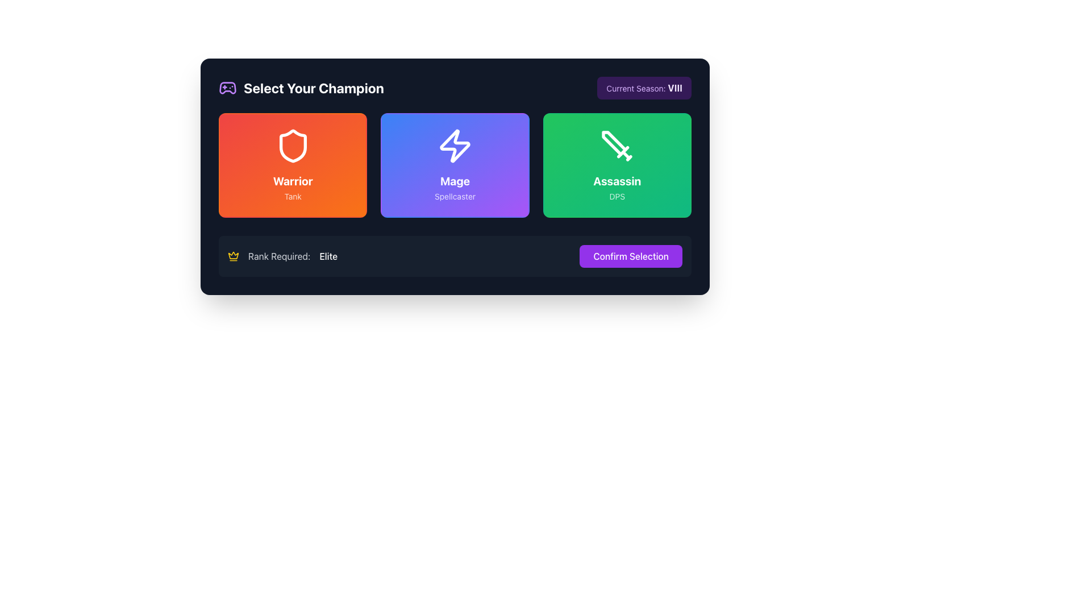 Image resolution: width=1091 pixels, height=614 pixels. Describe the element at coordinates (637, 88) in the screenshot. I see `the static text label that reads 'Current Season:' displayed in a medium-sized purple font, located in the upper-right side of the interface, adjacent to the text component displaying 'VIII'` at that location.